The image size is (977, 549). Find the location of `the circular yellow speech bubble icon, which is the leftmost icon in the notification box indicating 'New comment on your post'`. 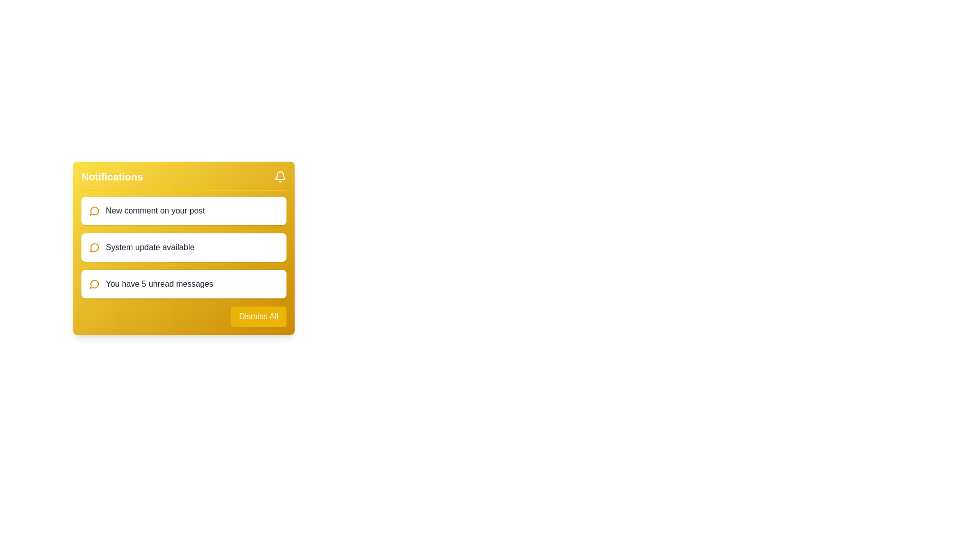

the circular yellow speech bubble icon, which is the leftmost icon in the notification box indicating 'New comment on your post' is located at coordinates (95, 210).